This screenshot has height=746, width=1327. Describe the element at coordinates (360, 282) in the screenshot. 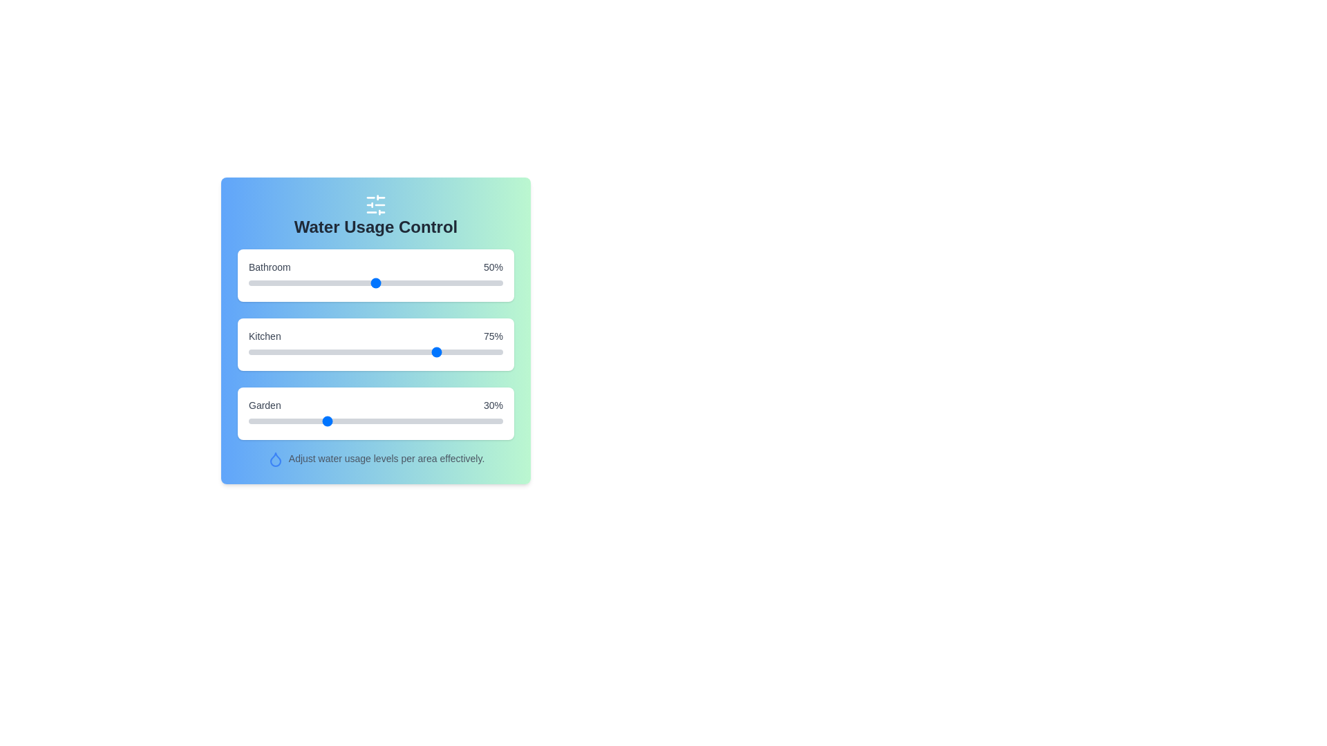

I see `the Bathroom usage slider to 44%` at that location.